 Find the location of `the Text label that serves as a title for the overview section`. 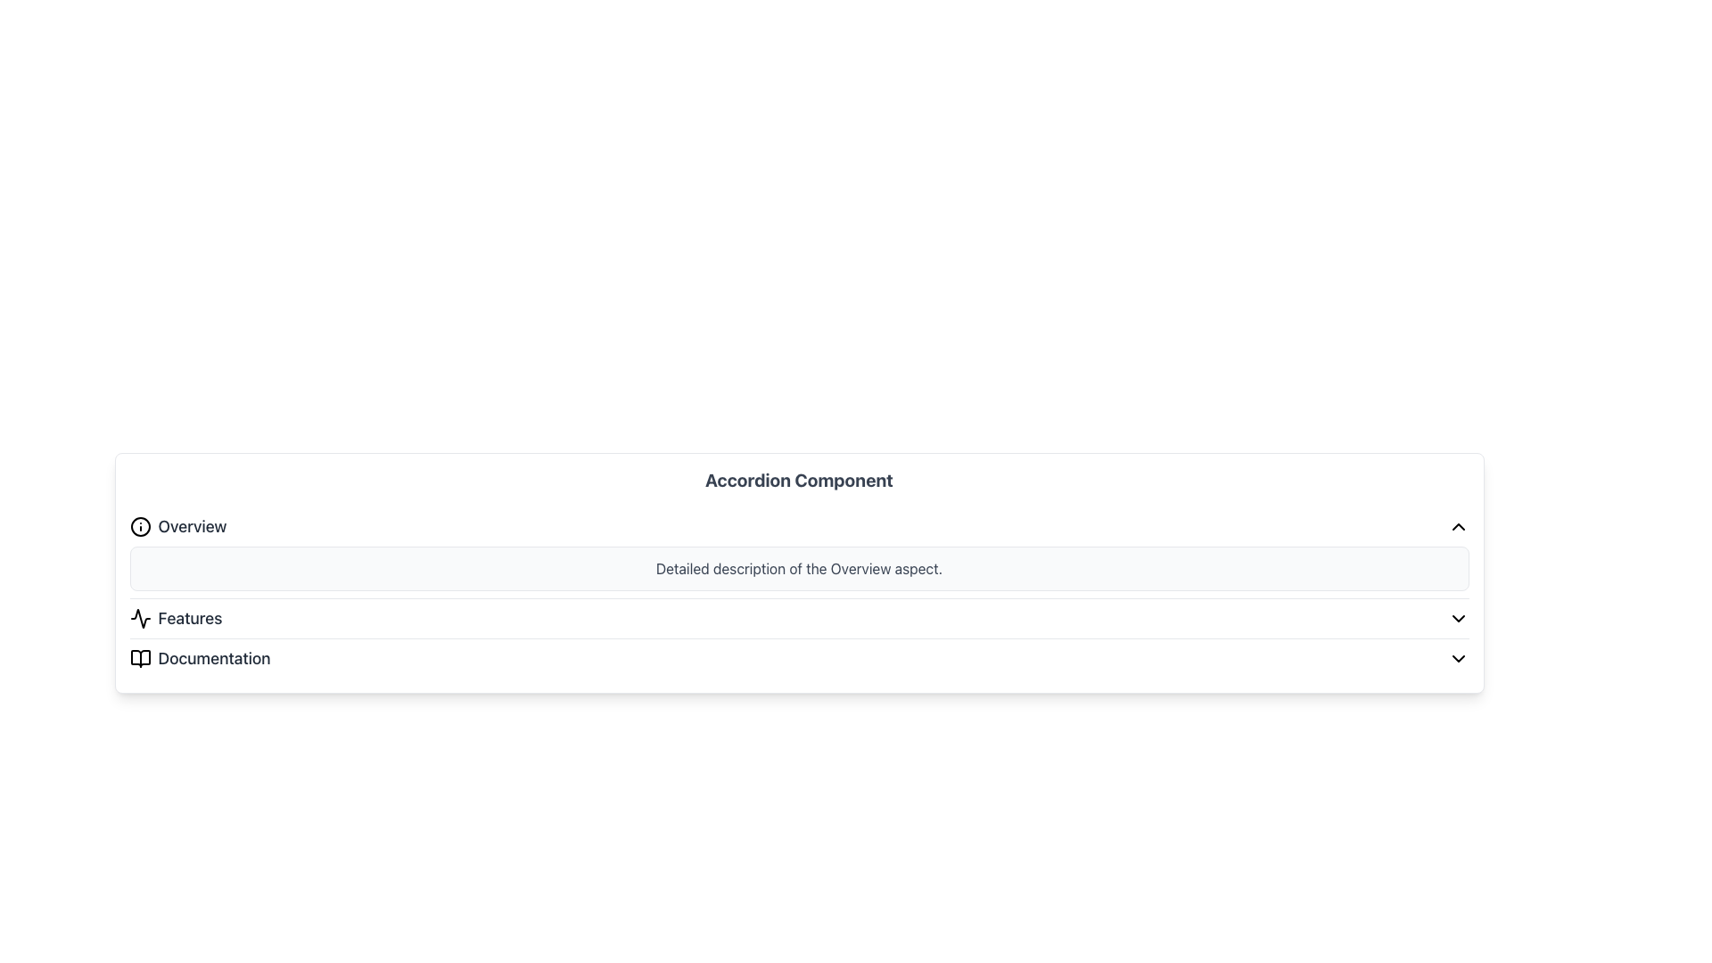

the Text label that serves as a title for the overview section is located at coordinates (193, 525).